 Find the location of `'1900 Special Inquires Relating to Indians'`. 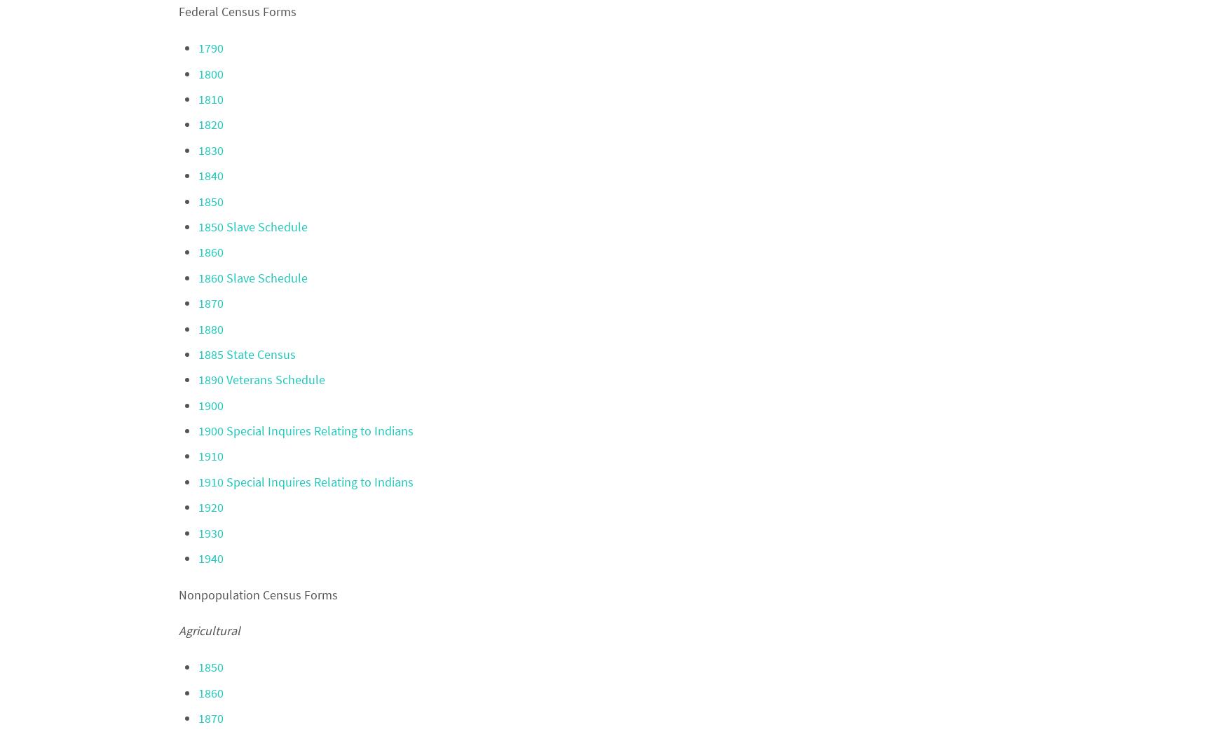

'1900 Special Inquires Relating to Indians' is located at coordinates (197, 430).